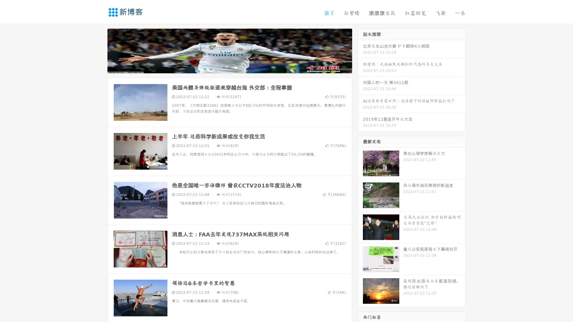 This screenshot has height=322, width=573. I want to click on Go to slide 3, so click(235, 67).